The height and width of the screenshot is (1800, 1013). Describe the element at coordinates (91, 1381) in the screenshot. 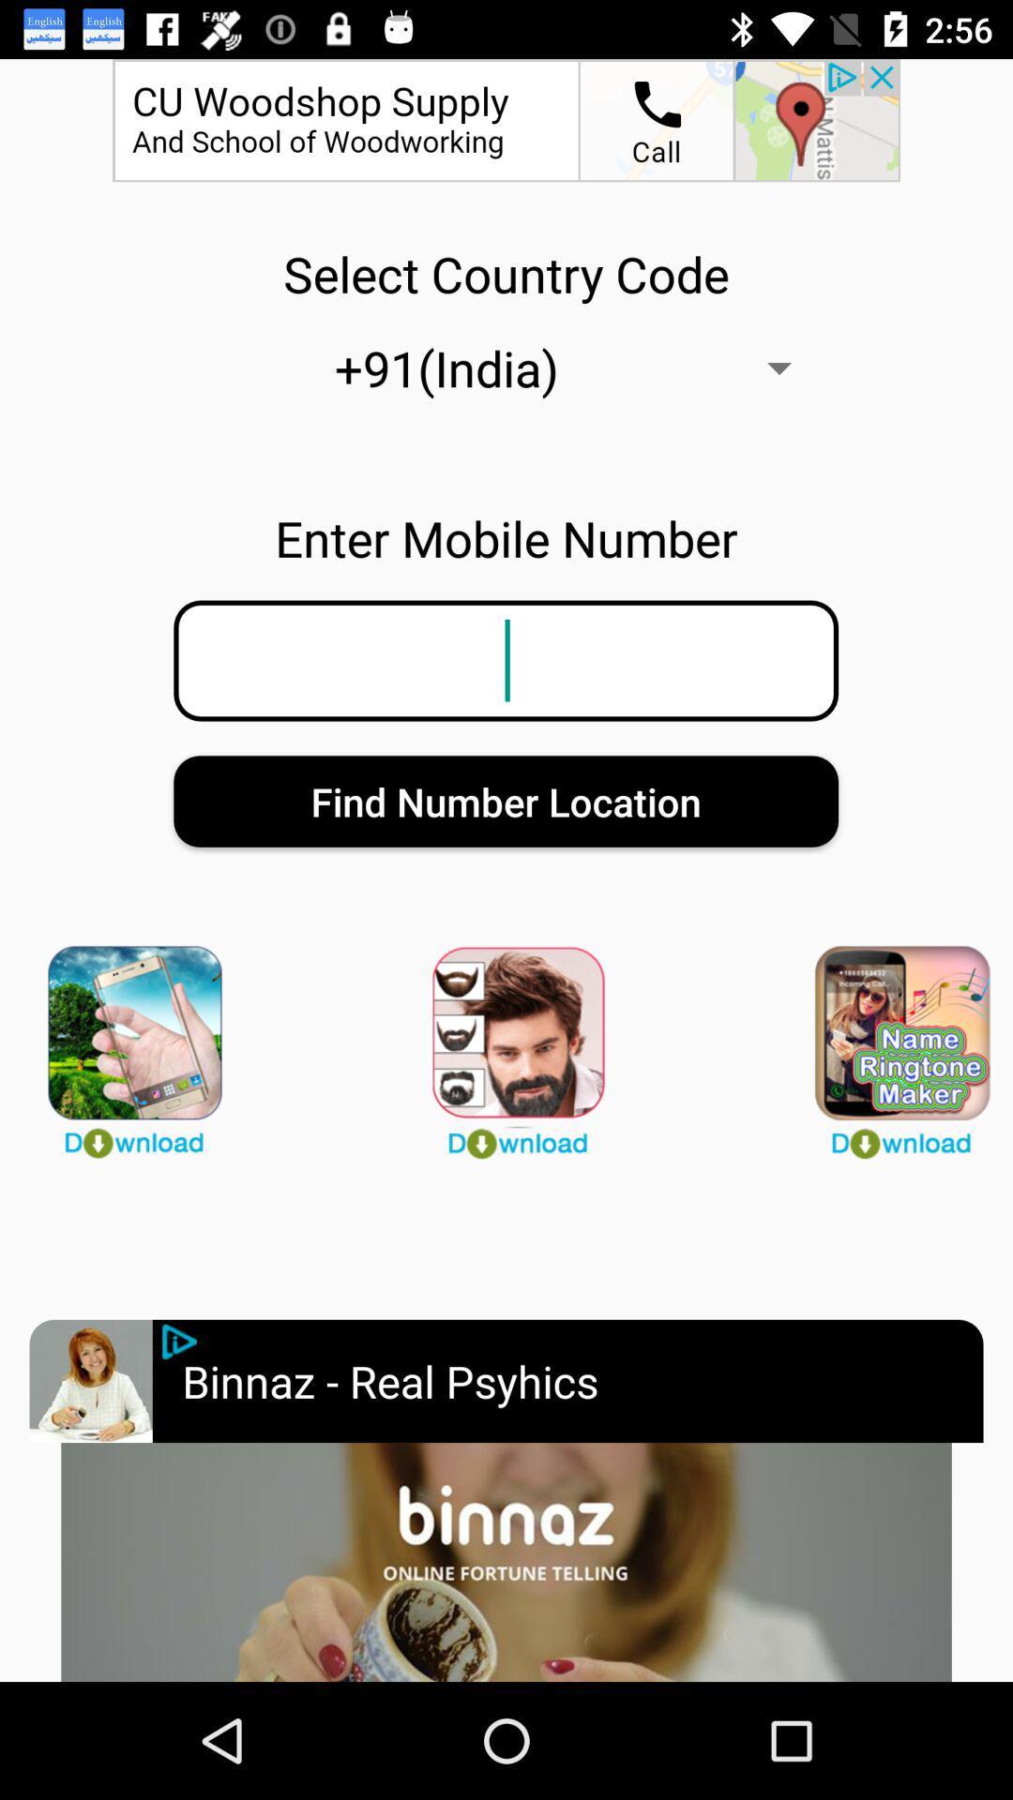

I see `advertisement selction` at that location.